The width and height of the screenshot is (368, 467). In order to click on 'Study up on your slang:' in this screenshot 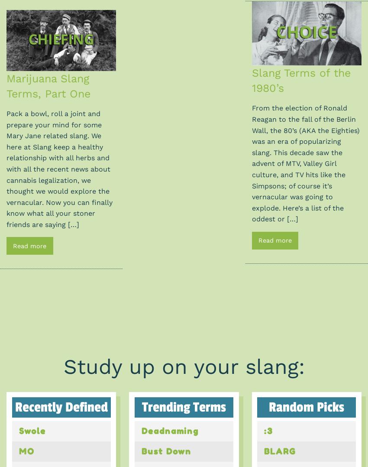, I will do `click(184, 366)`.